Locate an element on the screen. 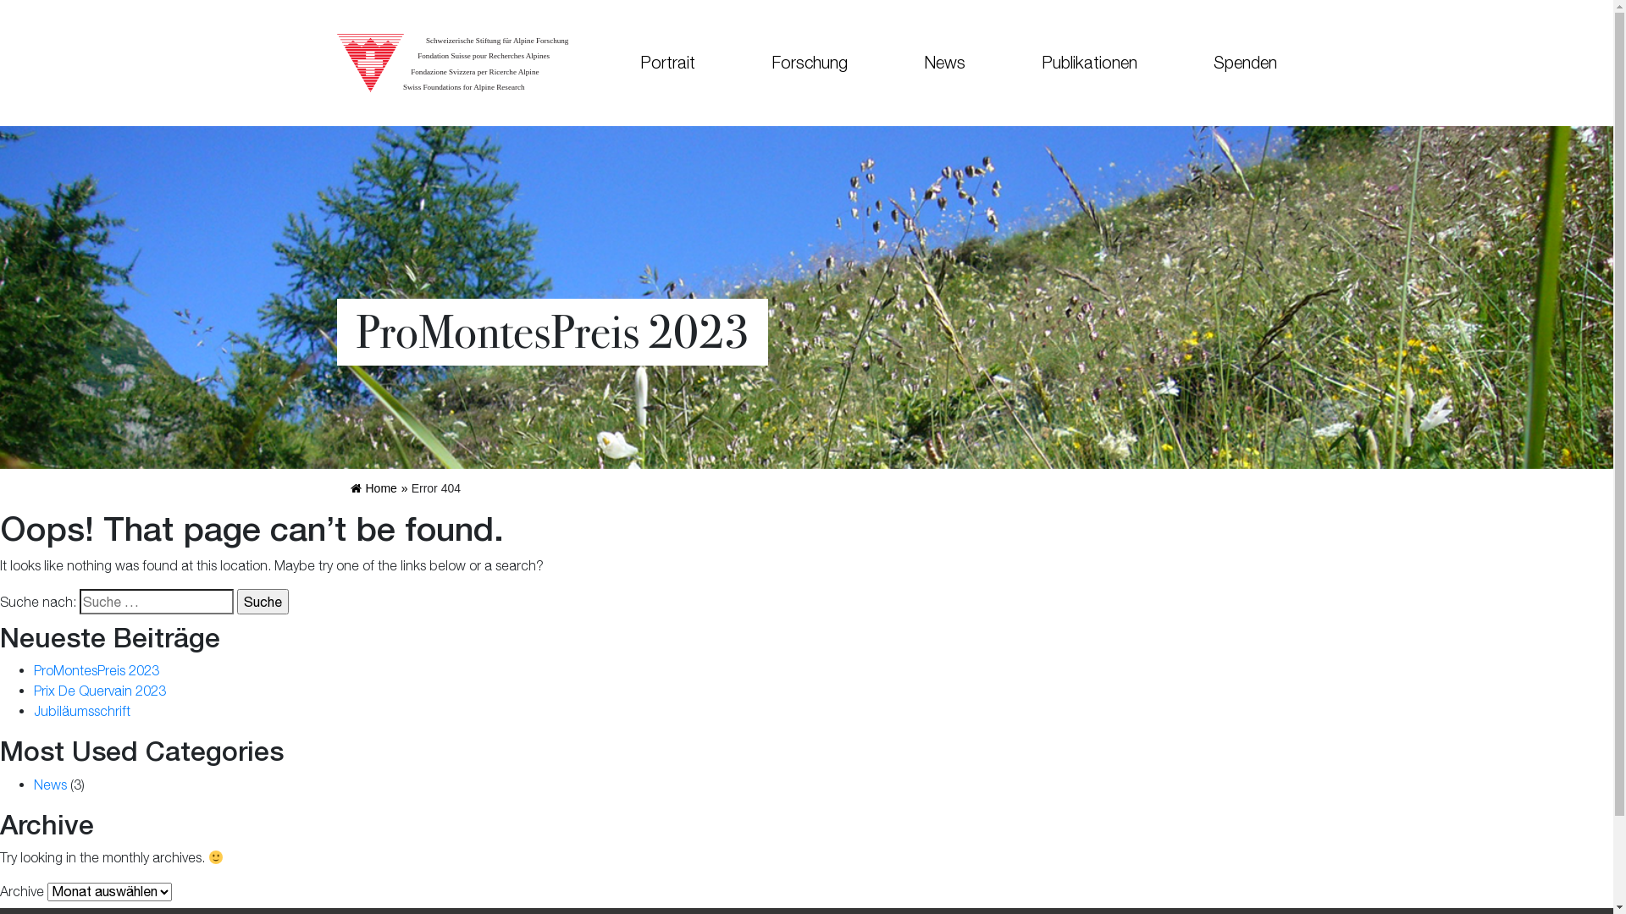  'Home' is located at coordinates (349, 488).